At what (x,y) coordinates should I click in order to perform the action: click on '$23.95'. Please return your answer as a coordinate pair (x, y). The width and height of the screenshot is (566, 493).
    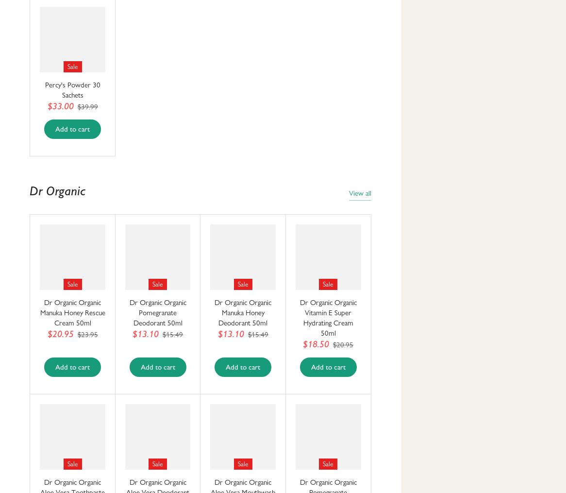
    Looking at the image, I should click on (87, 334).